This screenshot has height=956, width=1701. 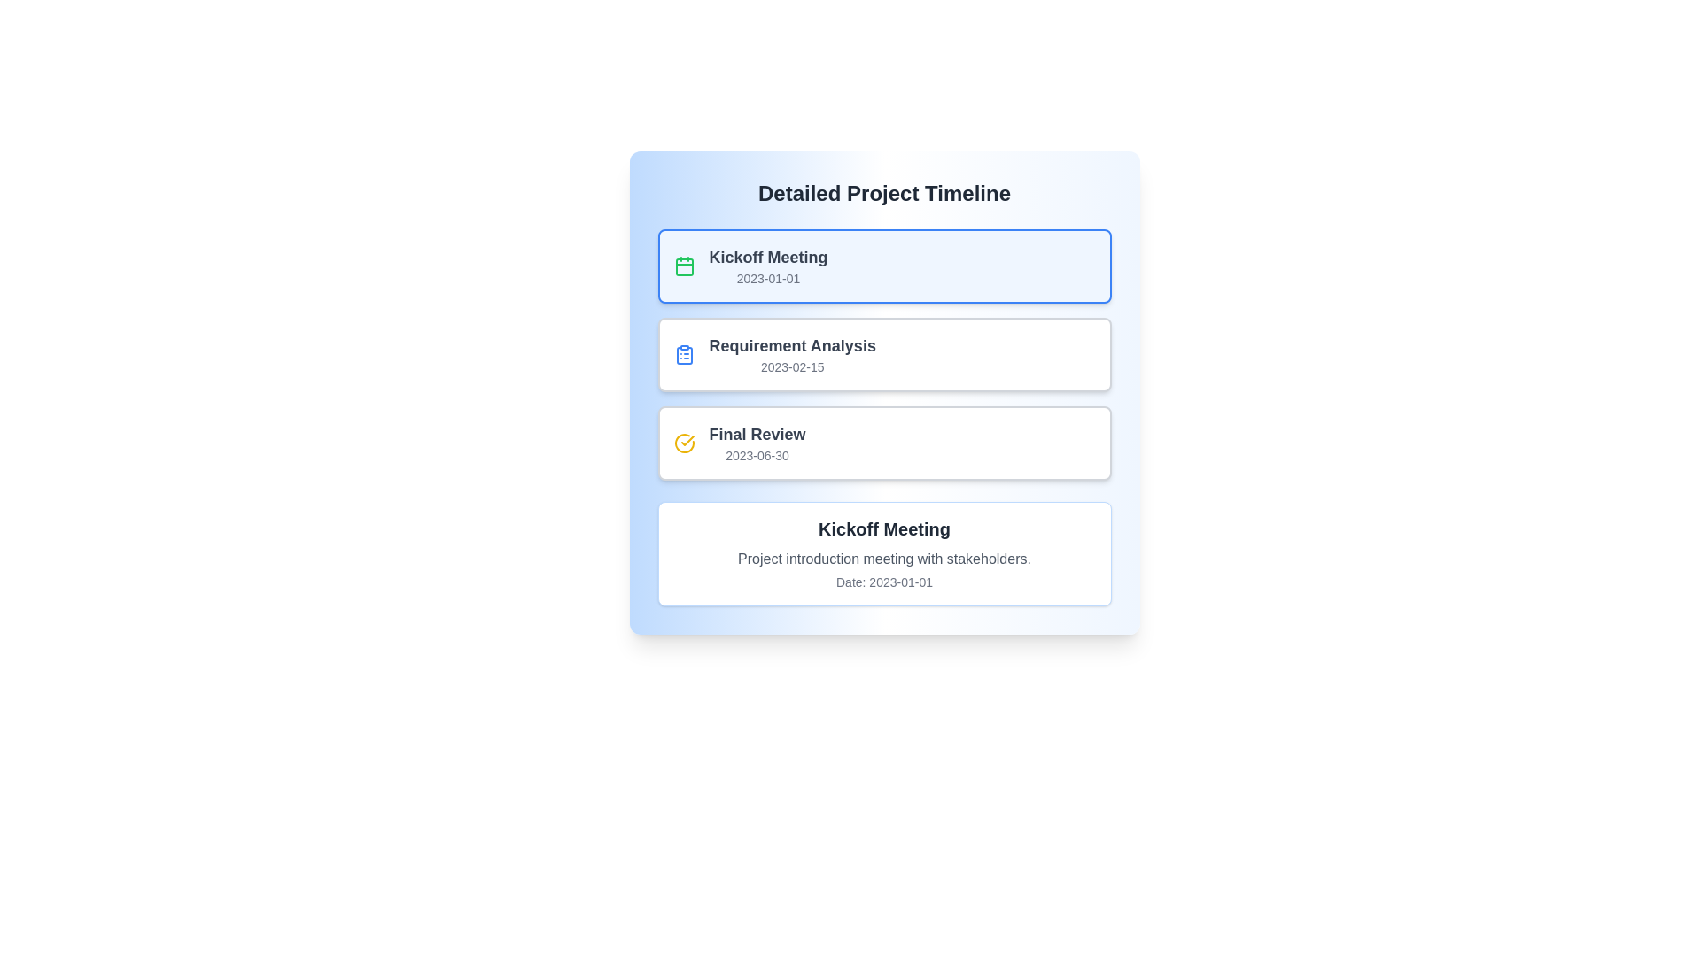 What do you see at coordinates (683, 355) in the screenshot?
I see `the blue clipboard icon with a list design located at the top-left of the 'Requirement Analysis' block in the timeline list` at bounding box center [683, 355].